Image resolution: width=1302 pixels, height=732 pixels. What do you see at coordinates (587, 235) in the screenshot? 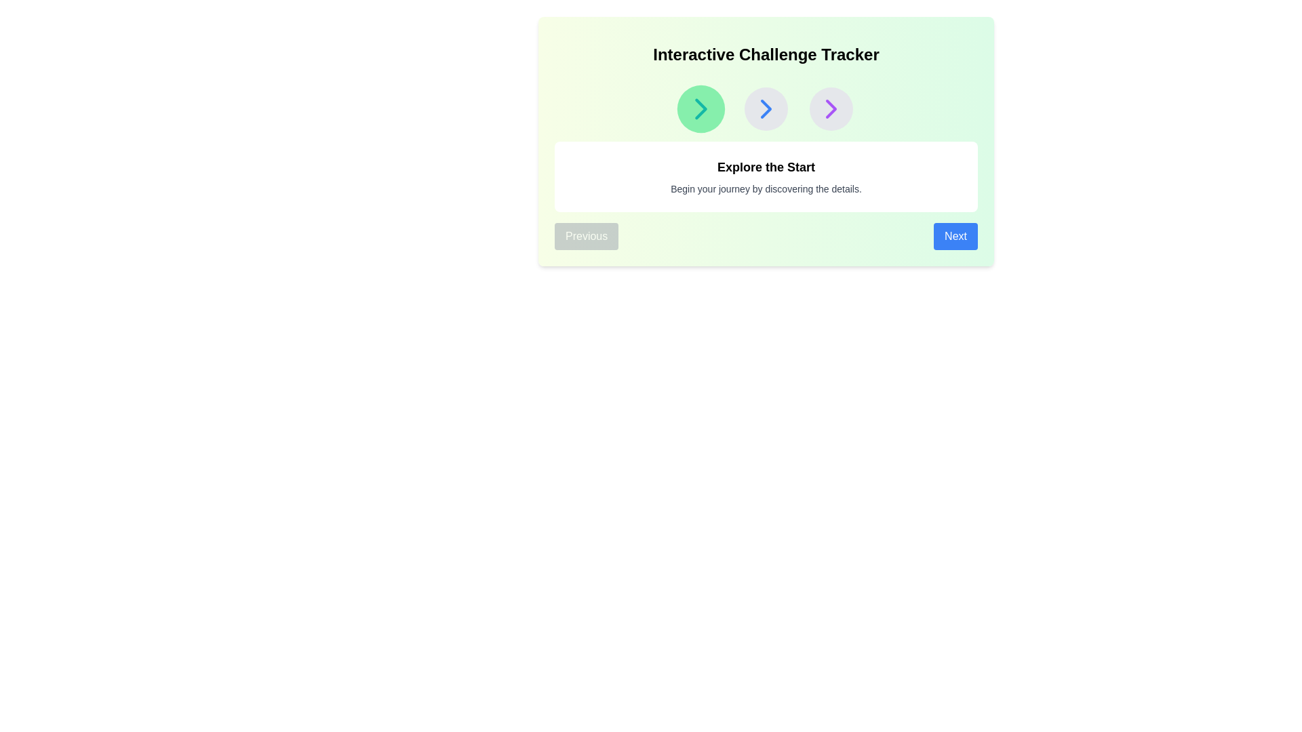
I see `the Previous button to navigate between steps` at bounding box center [587, 235].